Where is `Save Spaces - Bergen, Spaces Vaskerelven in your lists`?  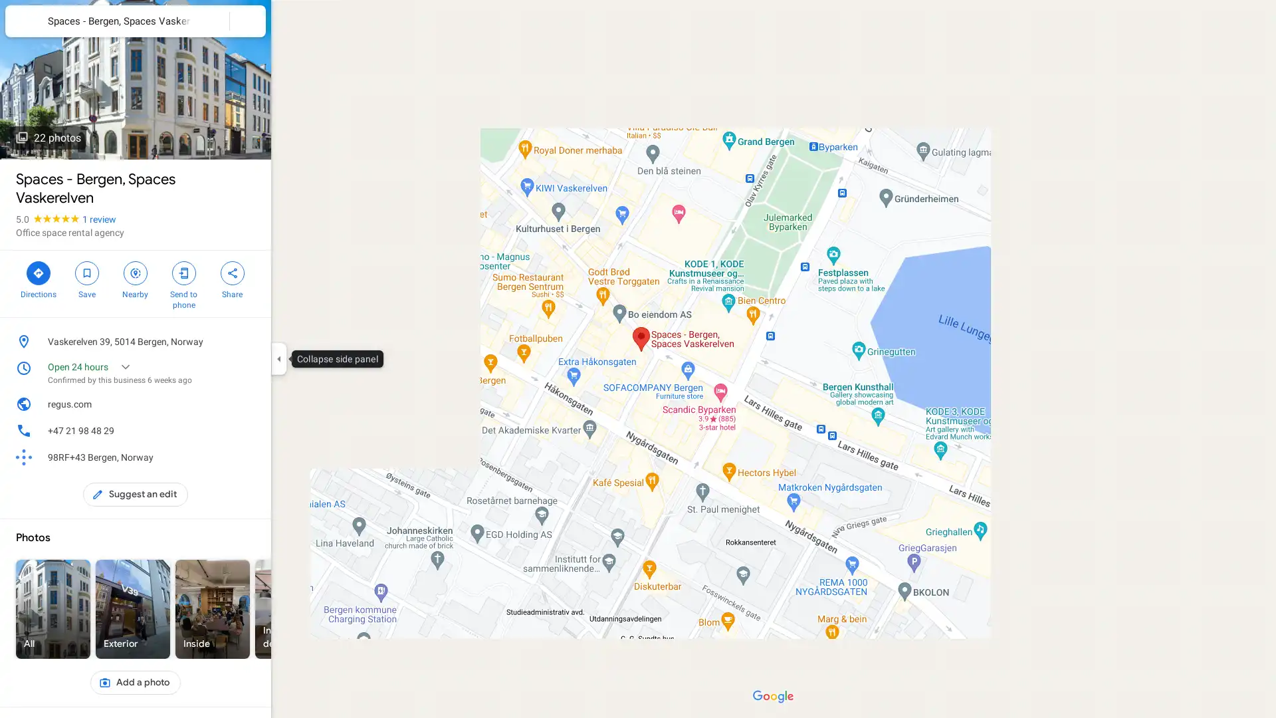 Save Spaces - Bergen, Spaces Vaskerelven in your lists is located at coordinates (86, 278).